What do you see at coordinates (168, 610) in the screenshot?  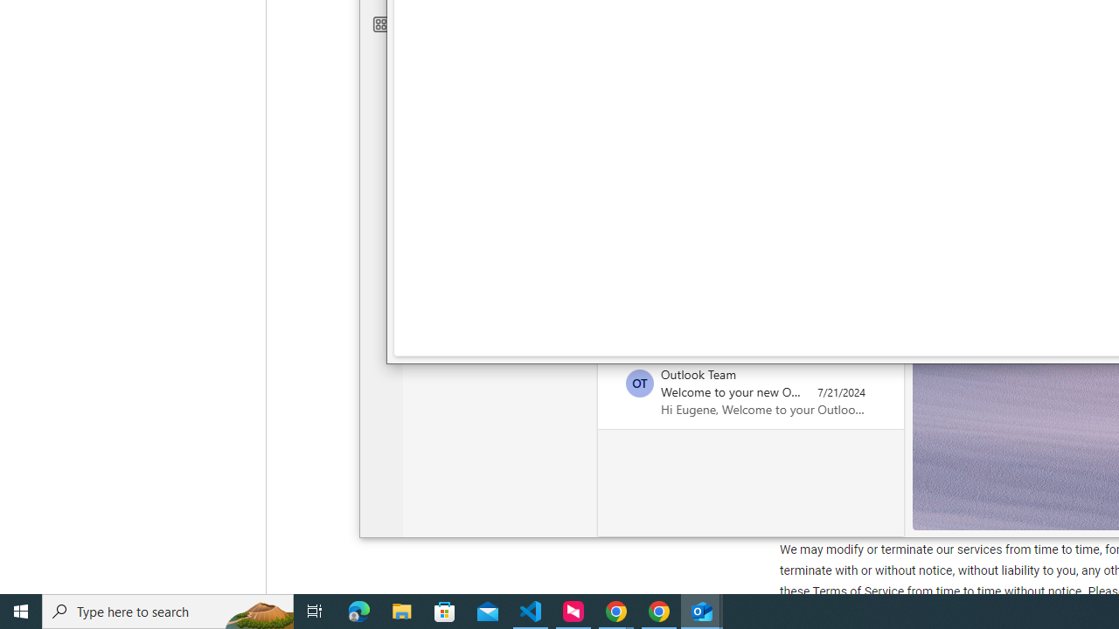 I see `'Type here to search'` at bounding box center [168, 610].